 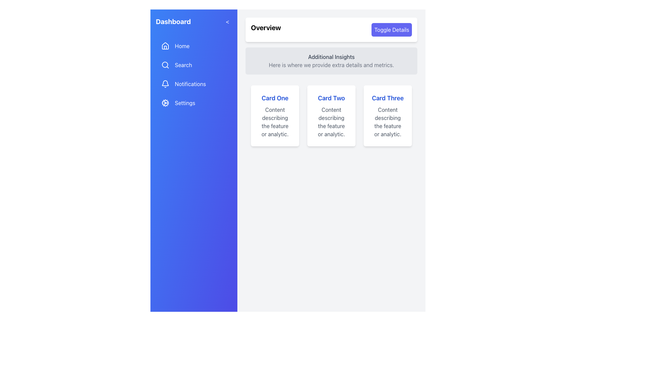 I want to click on descriptive text block located within the white card labeled 'Card Three', positioned below the title and centrally aligned, so click(x=388, y=121).